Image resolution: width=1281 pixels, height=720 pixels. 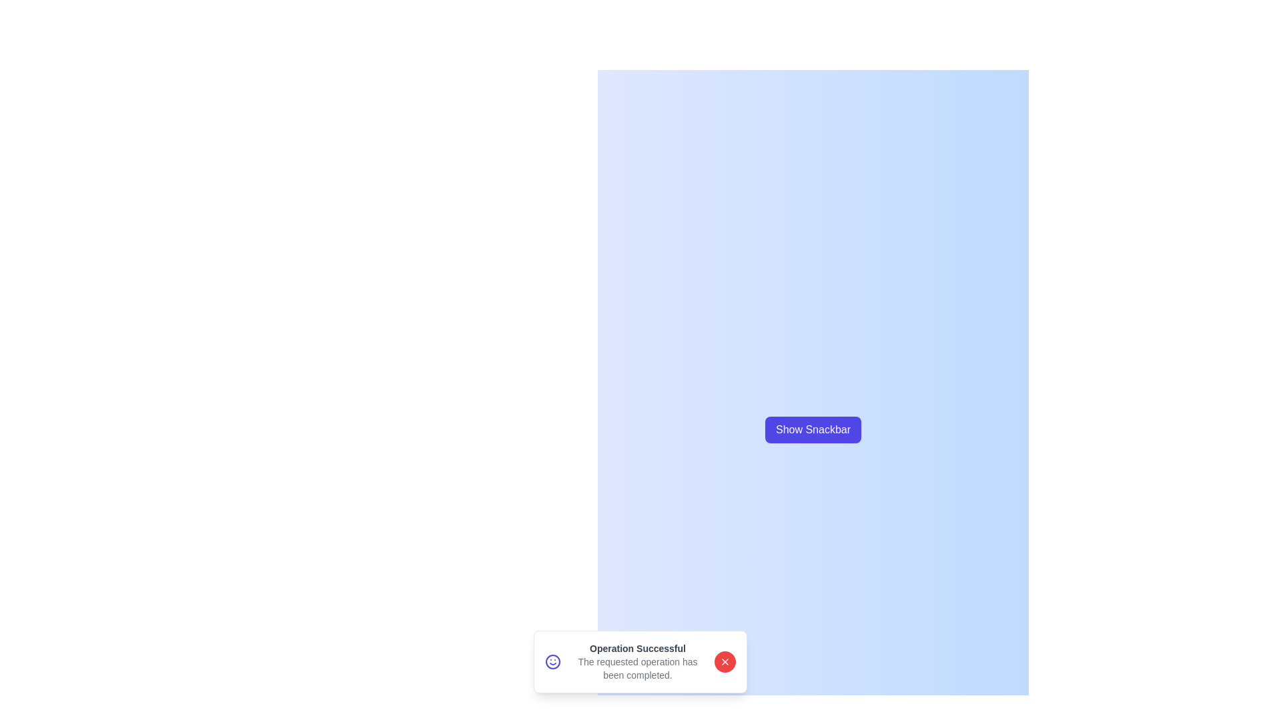 What do you see at coordinates (553, 661) in the screenshot?
I see `the smile icon in the snackbar` at bounding box center [553, 661].